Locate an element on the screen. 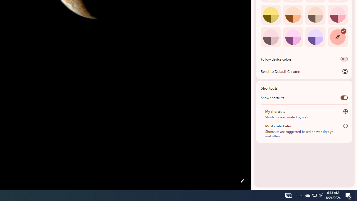 The image size is (357, 201). 'Show shortcuts' is located at coordinates (344, 97).